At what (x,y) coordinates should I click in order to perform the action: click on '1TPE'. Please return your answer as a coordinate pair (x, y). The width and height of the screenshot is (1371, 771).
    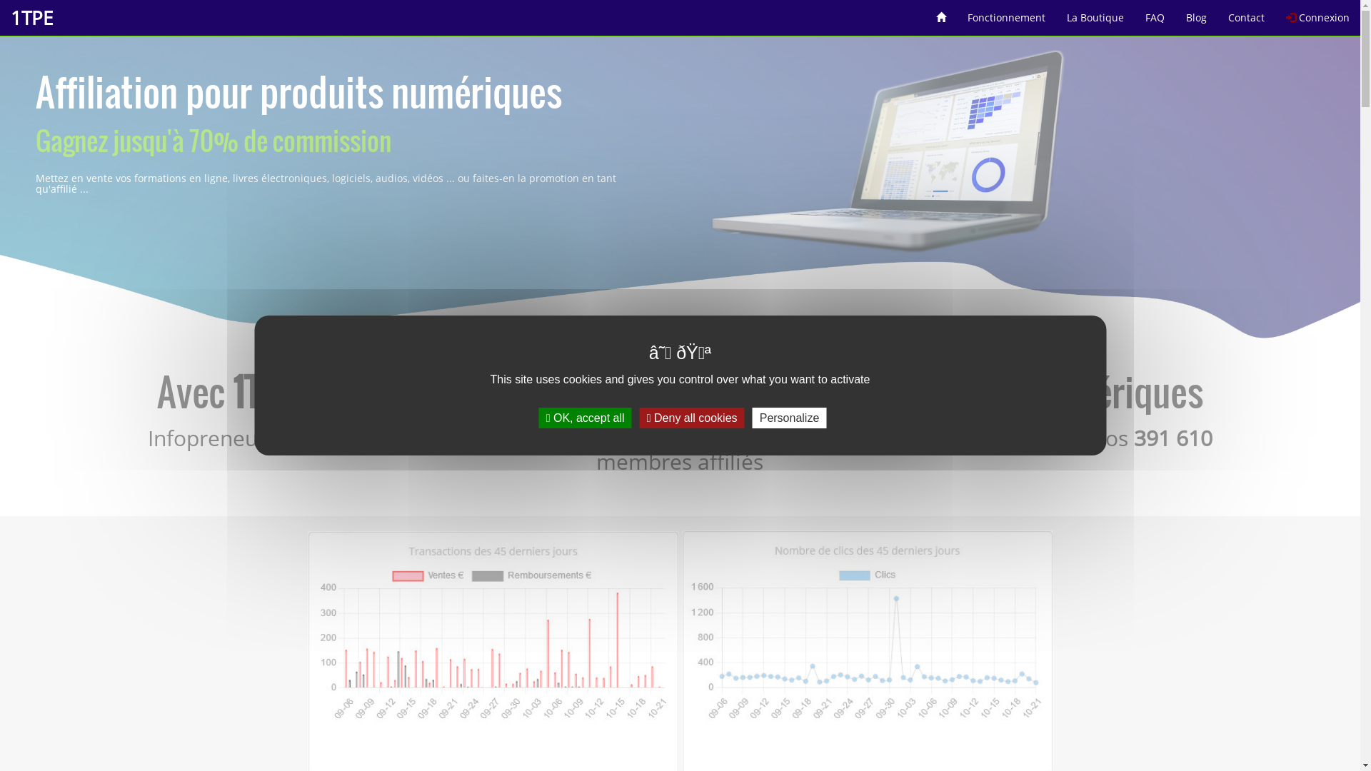
    Looking at the image, I should click on (31, 17).